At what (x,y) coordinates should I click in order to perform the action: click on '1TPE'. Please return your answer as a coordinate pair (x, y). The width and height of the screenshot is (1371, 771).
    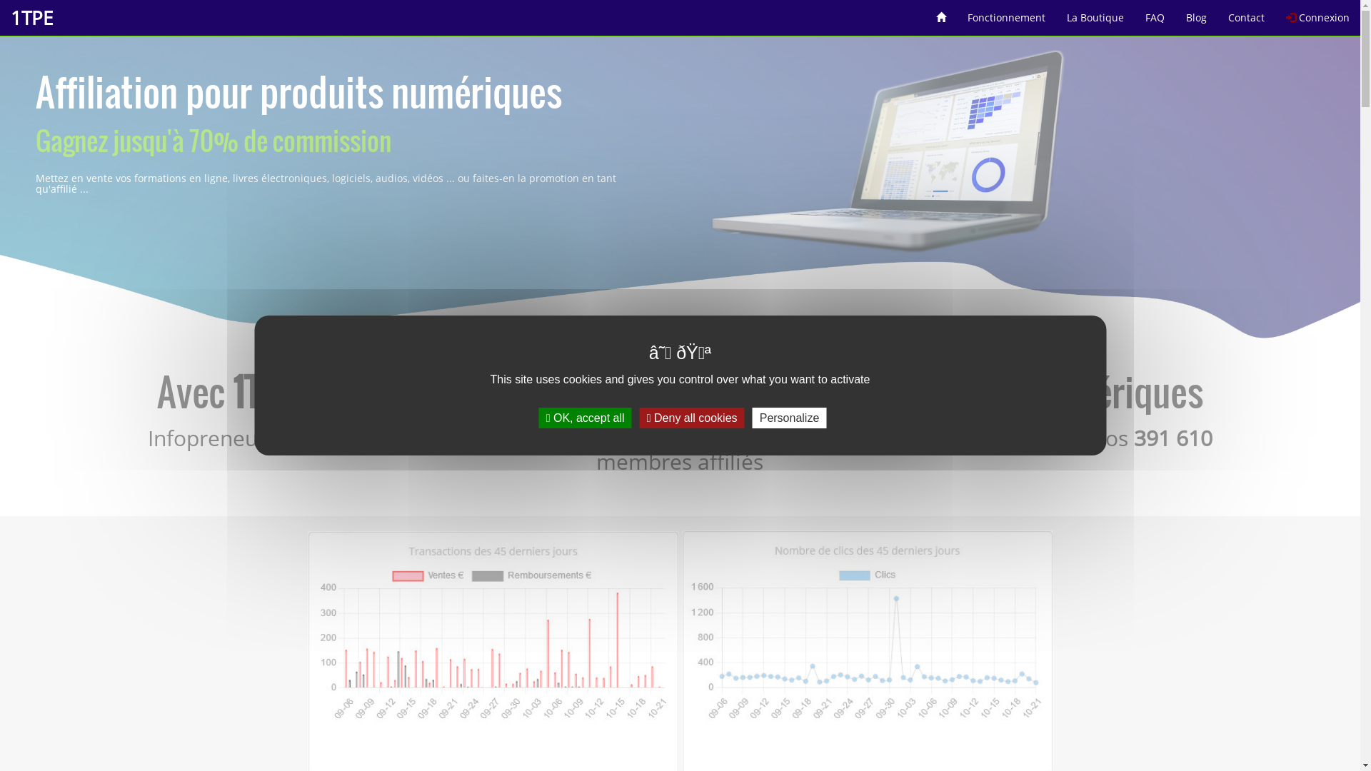
    Looking at the image, I should click on (31, 17).